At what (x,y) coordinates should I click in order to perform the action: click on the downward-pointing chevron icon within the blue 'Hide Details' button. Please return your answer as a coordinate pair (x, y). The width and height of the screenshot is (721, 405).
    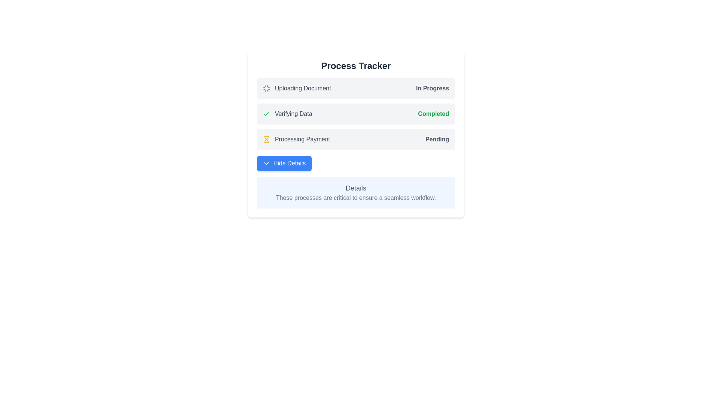
    Looking at the image, I should click on (267, 163).